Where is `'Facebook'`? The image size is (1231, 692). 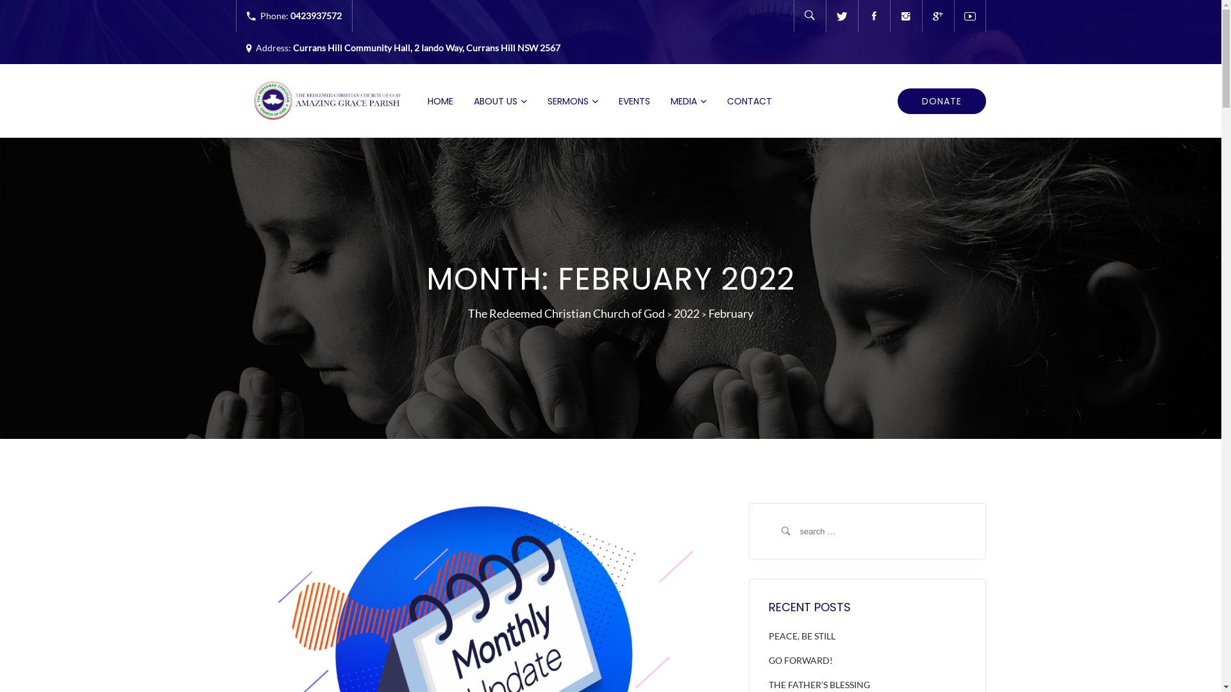 'Facebook' is located at coordinates (873, 15).